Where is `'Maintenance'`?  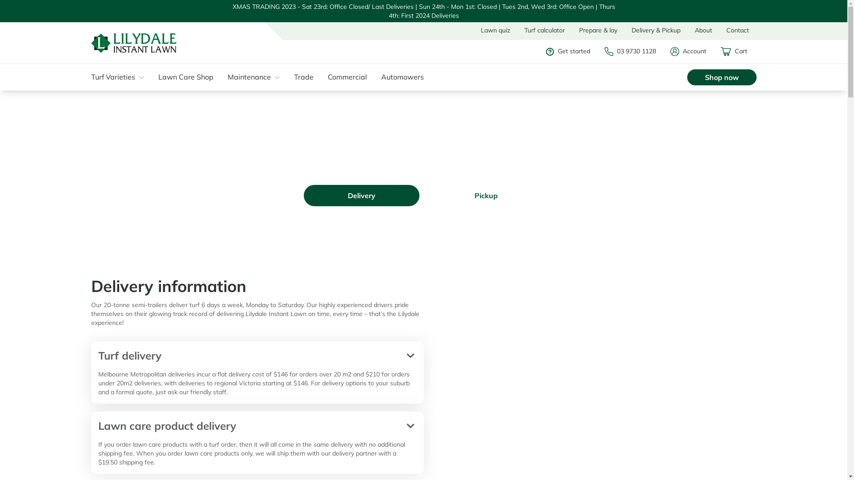 'Maintenance' is located at coordinates (228, 76).